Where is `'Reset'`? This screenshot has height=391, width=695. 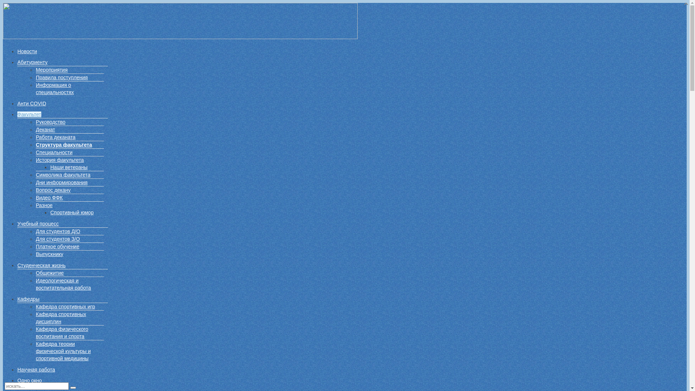
'Reset' is located at coordinates (73, 387).